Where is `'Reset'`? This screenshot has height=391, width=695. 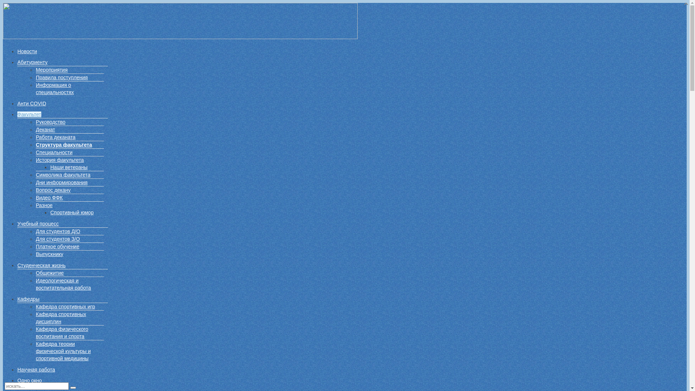
'Reset' is located at coordinates (73, 387).